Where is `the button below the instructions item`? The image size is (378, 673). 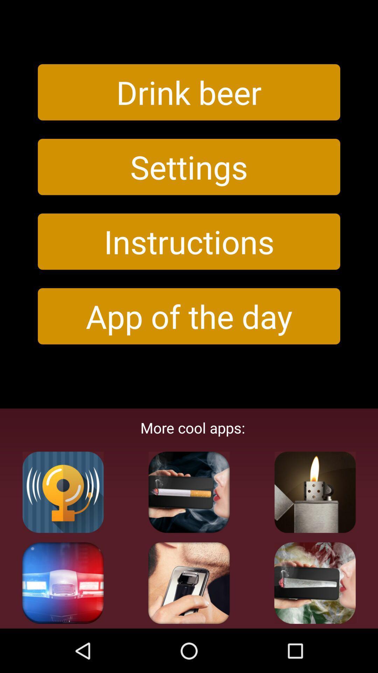 the button below the instructions item is located at coordinates (189, 316).